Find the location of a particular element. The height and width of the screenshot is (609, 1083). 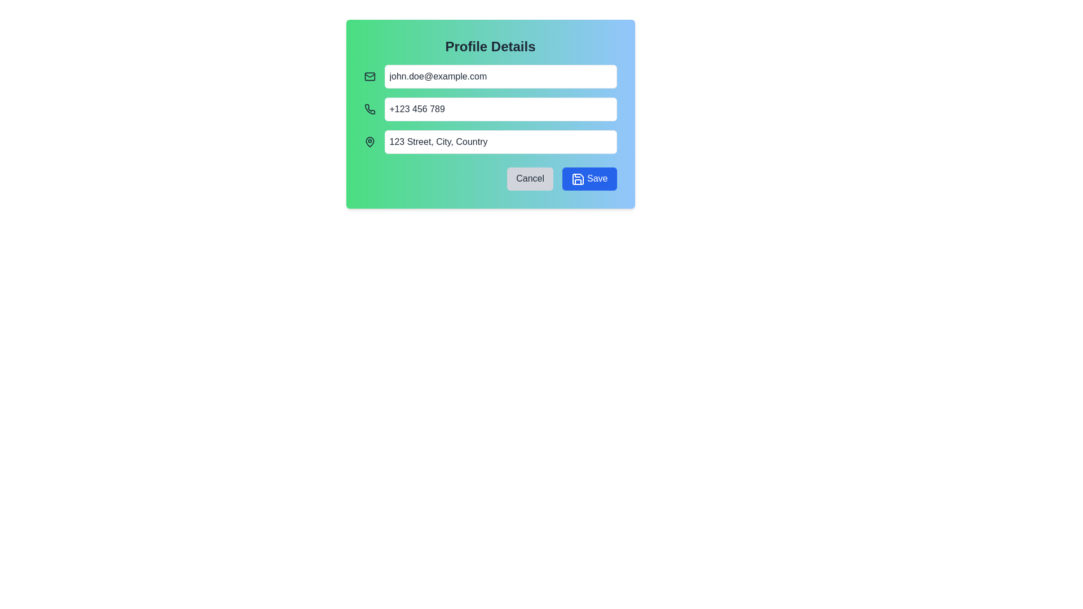

the address input field located in the lower part of the structured form to focus on it is located at coordinates (500, 141).